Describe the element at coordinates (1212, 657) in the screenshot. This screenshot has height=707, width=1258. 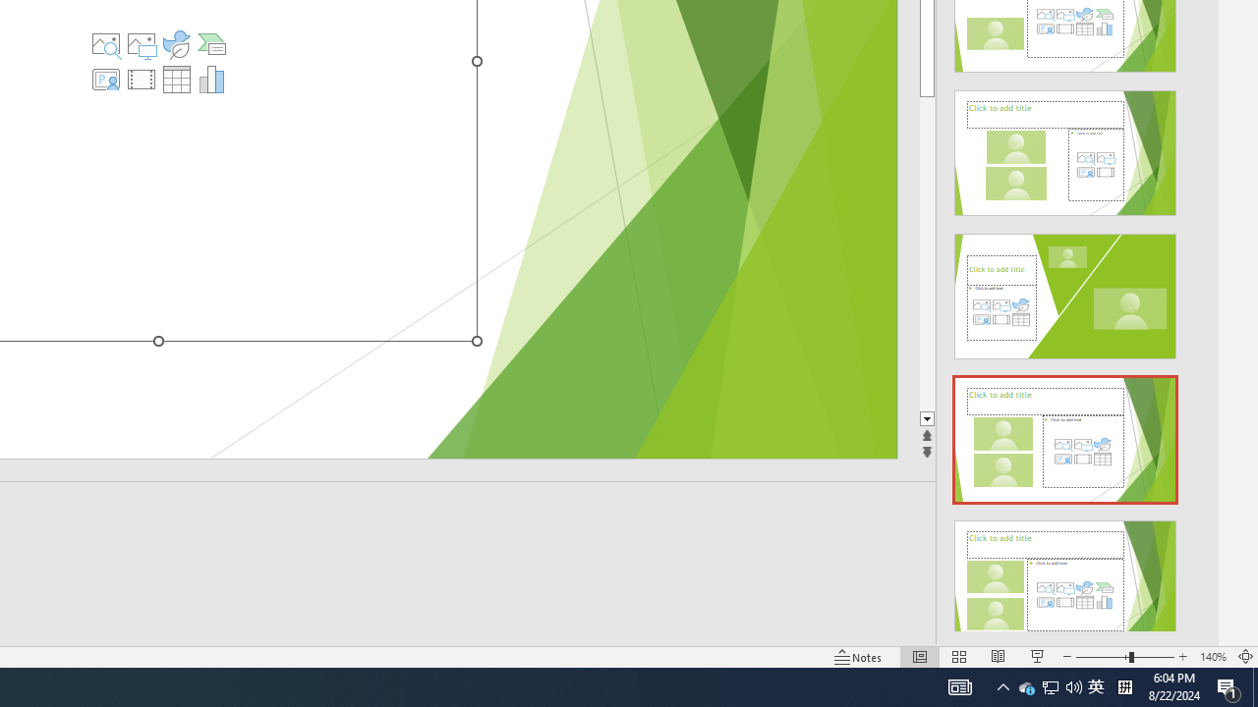
I see `'Zoom 140%'` at that location.